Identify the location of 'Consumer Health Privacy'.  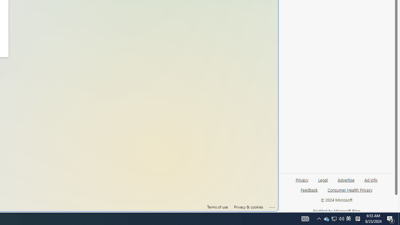
(350, 192).